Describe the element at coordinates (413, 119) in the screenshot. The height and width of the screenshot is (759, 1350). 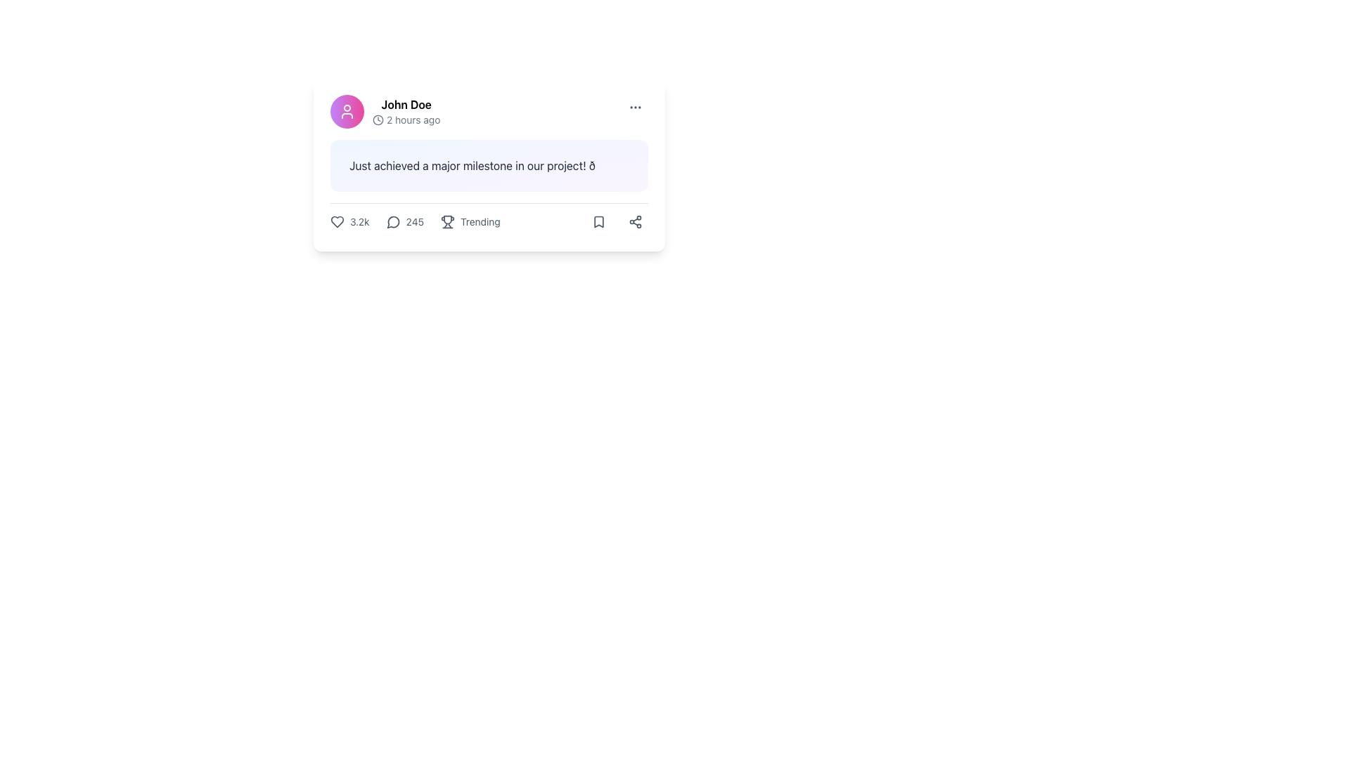
I see `static text element displaying '2 hours ago', which is styled in gray and located next to a clock icon in the metadata section of the post` at that location.